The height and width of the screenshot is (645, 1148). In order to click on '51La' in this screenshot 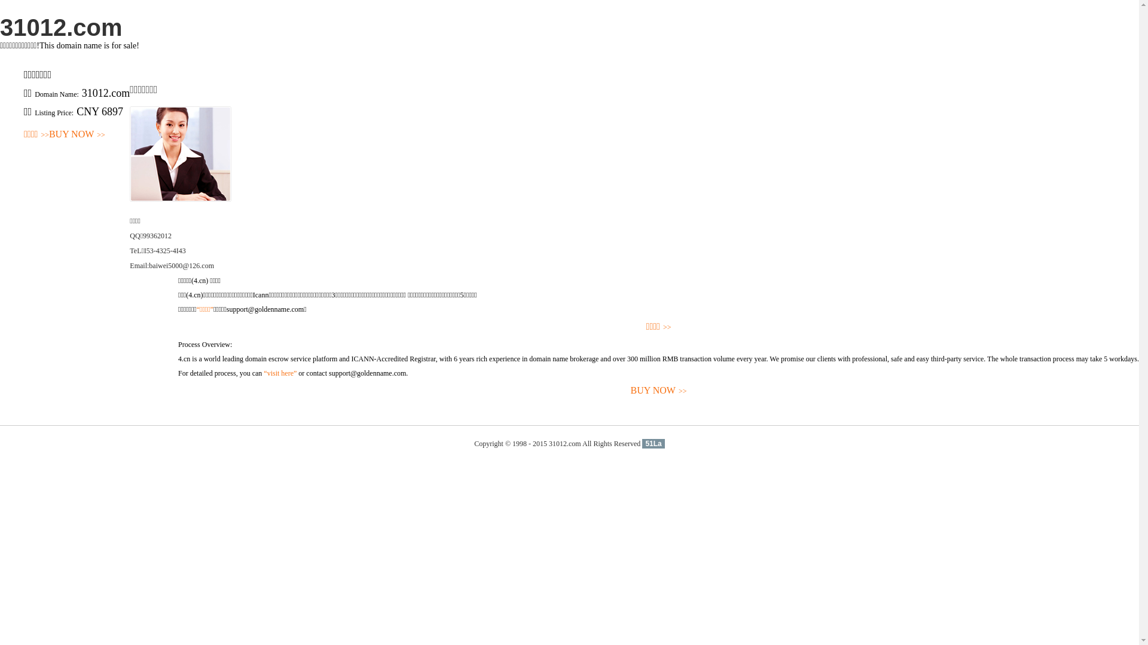, I will do `click(642, 444)`.